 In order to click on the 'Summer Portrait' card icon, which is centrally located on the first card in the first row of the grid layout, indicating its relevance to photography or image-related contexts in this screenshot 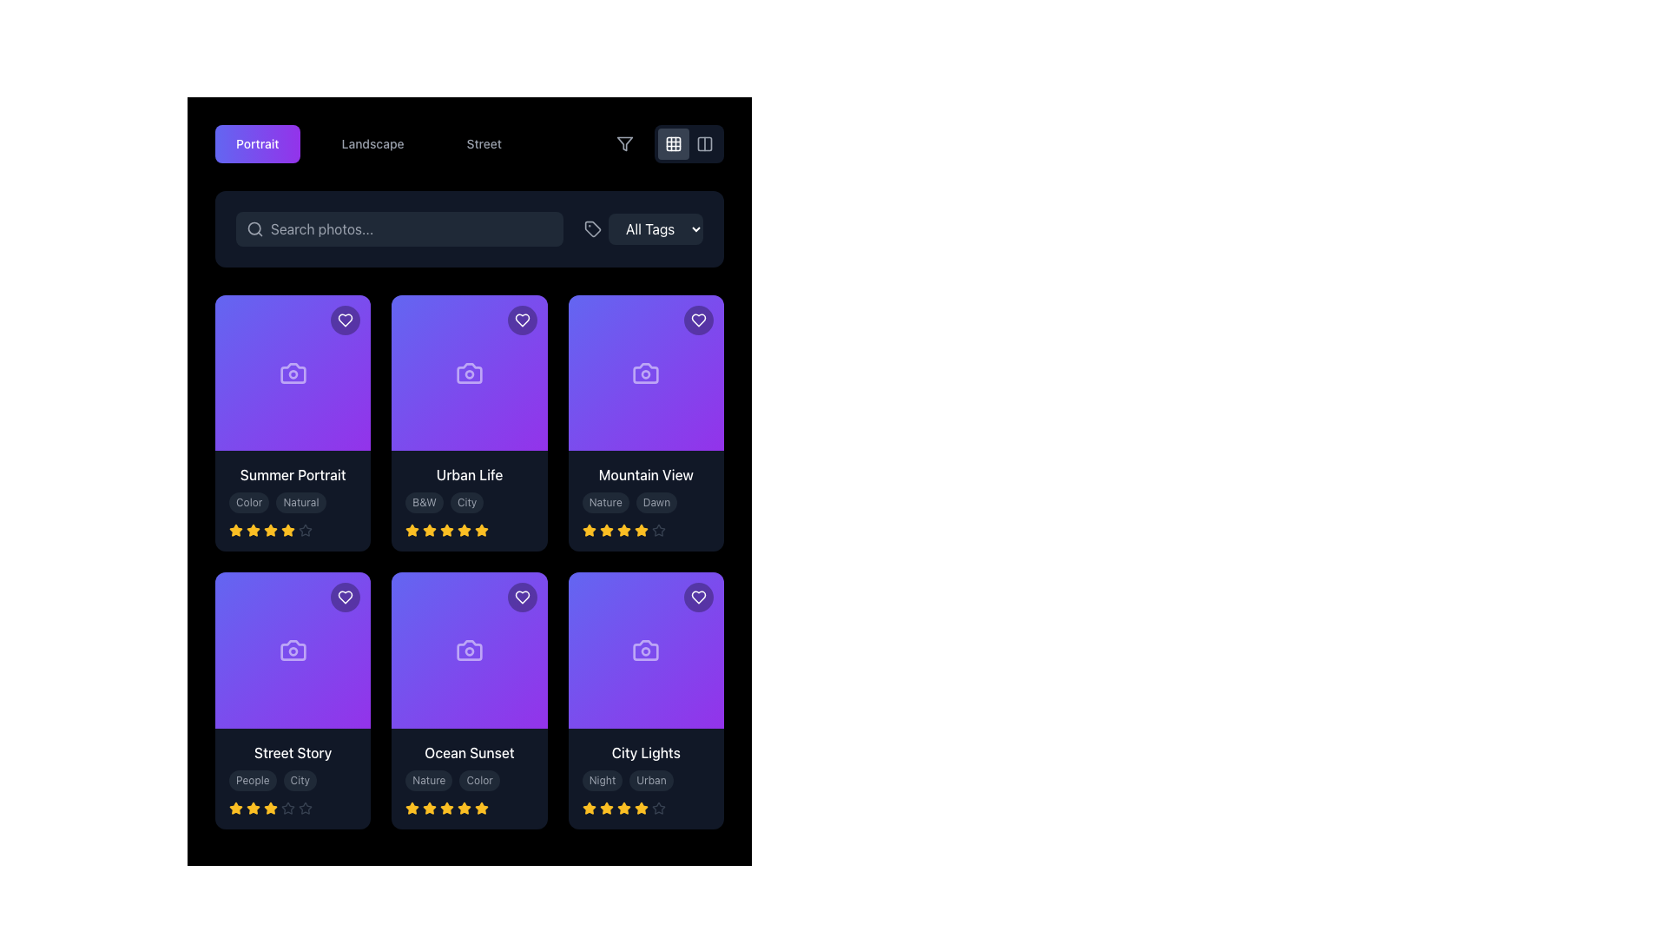, I will do `click(293, 372)`.